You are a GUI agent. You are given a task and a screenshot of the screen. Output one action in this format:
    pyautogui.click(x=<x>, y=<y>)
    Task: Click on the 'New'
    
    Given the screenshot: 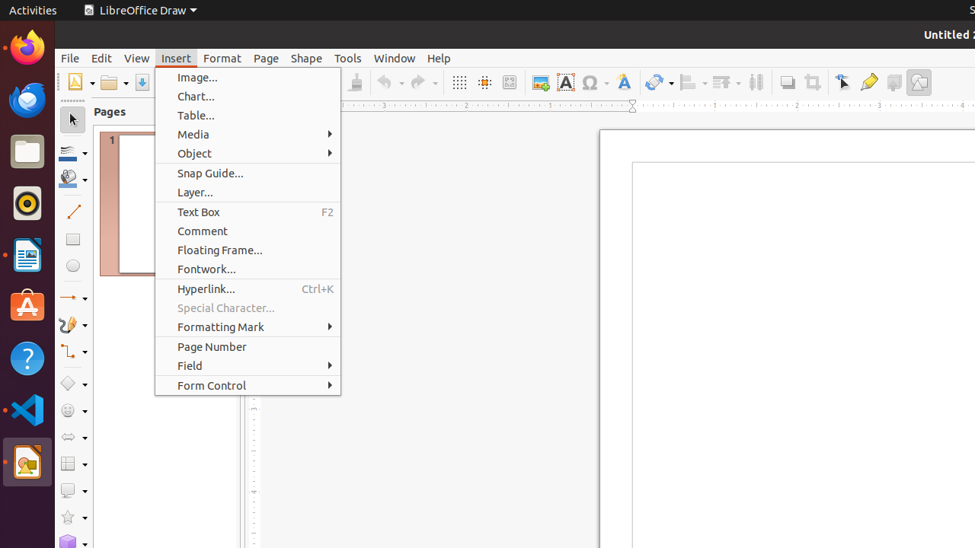 What is the action you would take?
    pyautogui.click(x=79, y=82)
    